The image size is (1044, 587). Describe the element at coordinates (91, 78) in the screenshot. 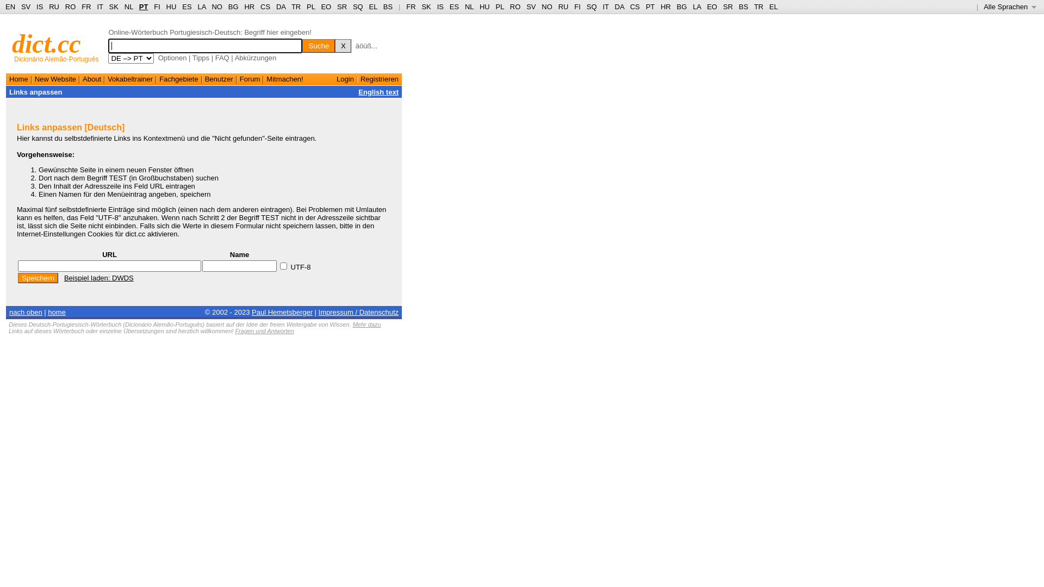

I see `'About'` at that location.